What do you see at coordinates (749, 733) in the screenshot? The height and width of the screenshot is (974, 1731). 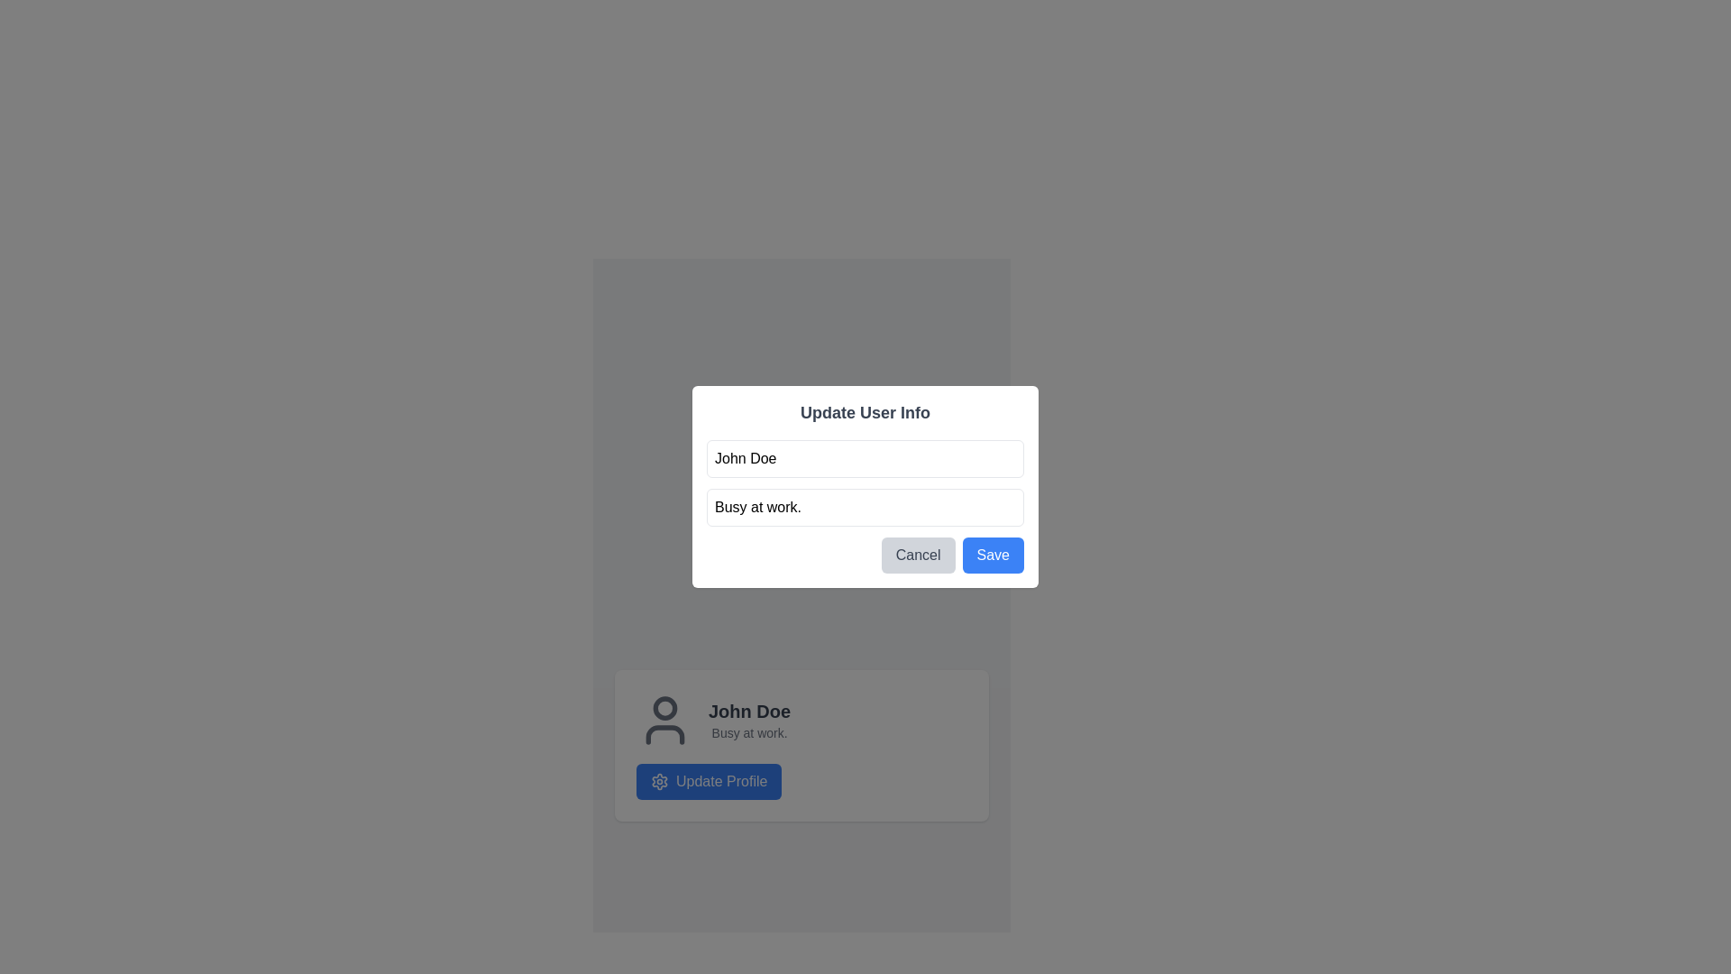 I see `the text label displaying 'Busy at work.' located beneath 'John Doe' in the user profile card` at bounding box center [749, 733].